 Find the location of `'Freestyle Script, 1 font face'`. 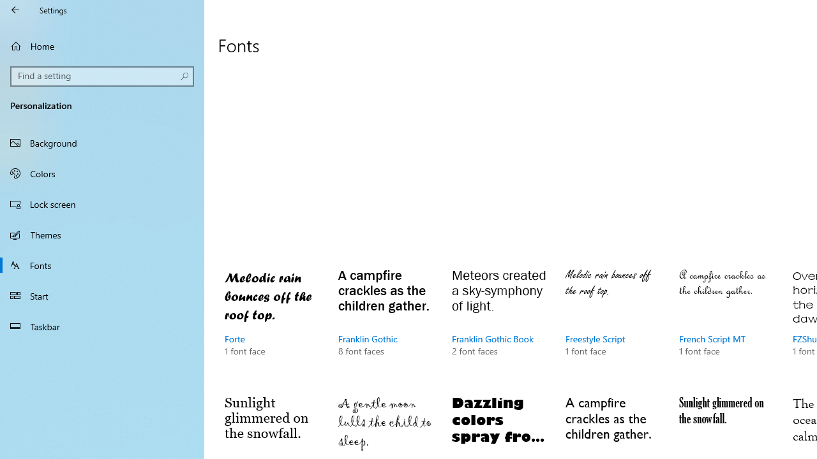

'Freestyle Script, 1 font face' is located at coordinates (613, 324).